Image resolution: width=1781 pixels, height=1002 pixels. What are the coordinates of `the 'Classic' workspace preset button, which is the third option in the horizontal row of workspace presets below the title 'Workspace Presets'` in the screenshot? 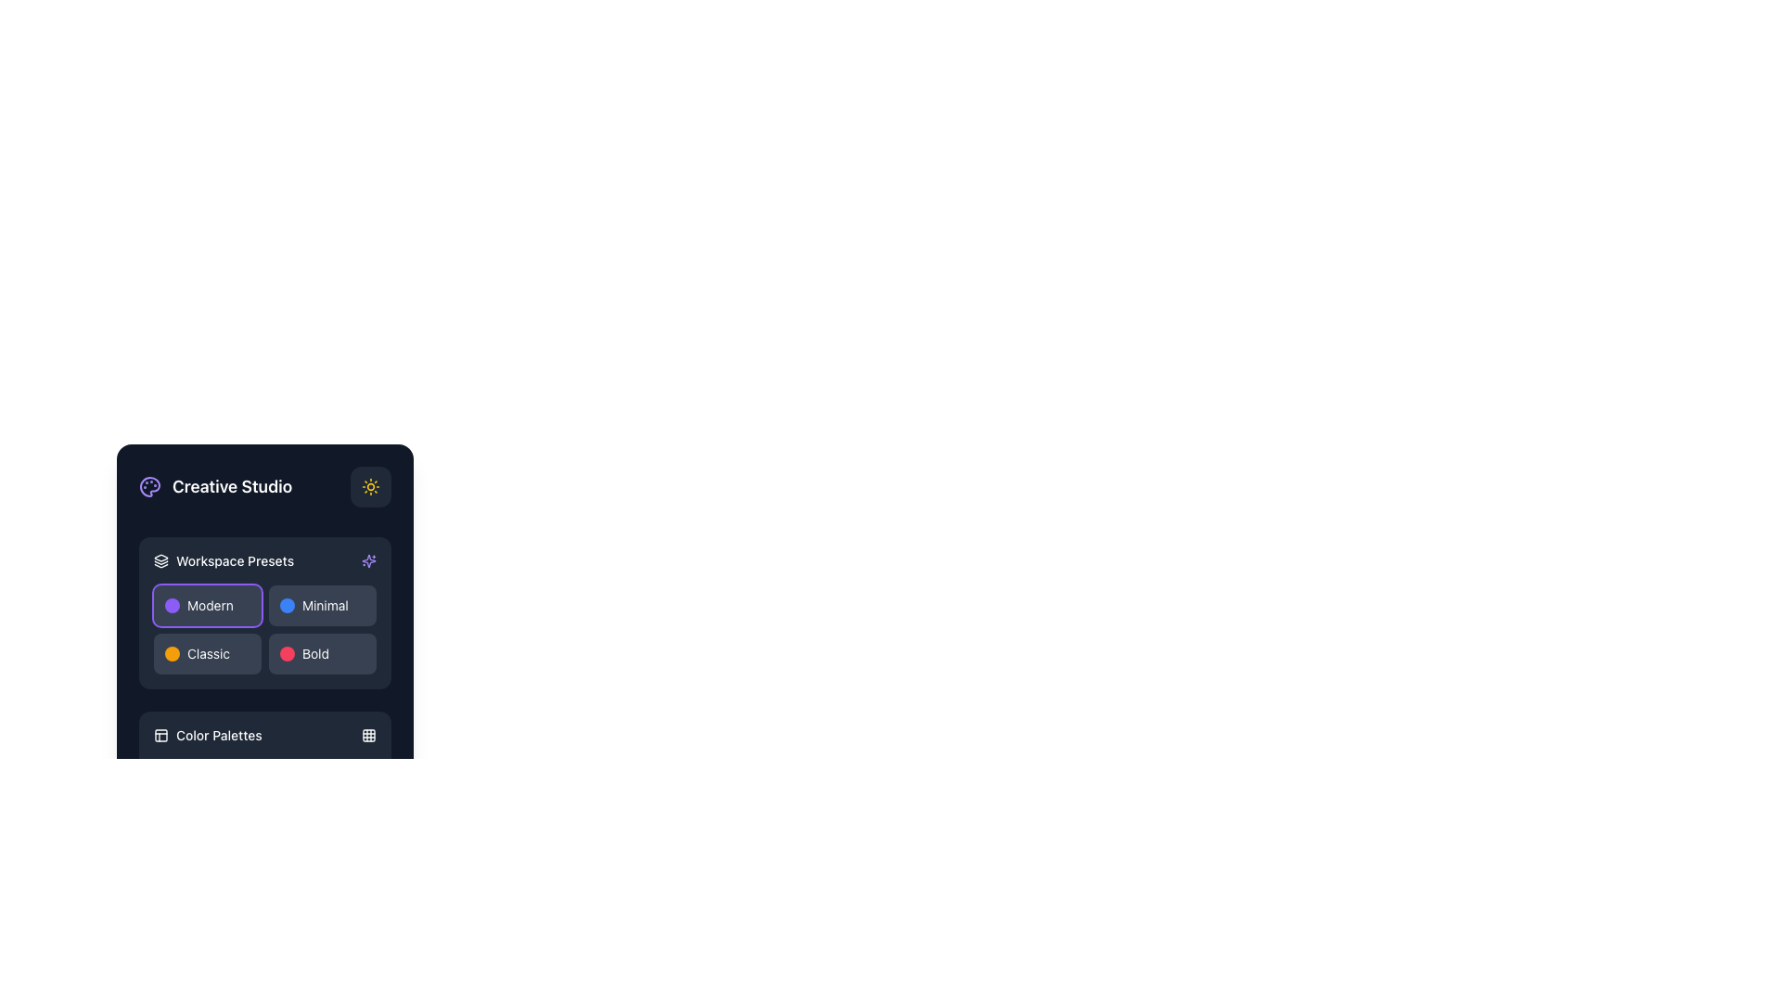 It's located at (209, 653).